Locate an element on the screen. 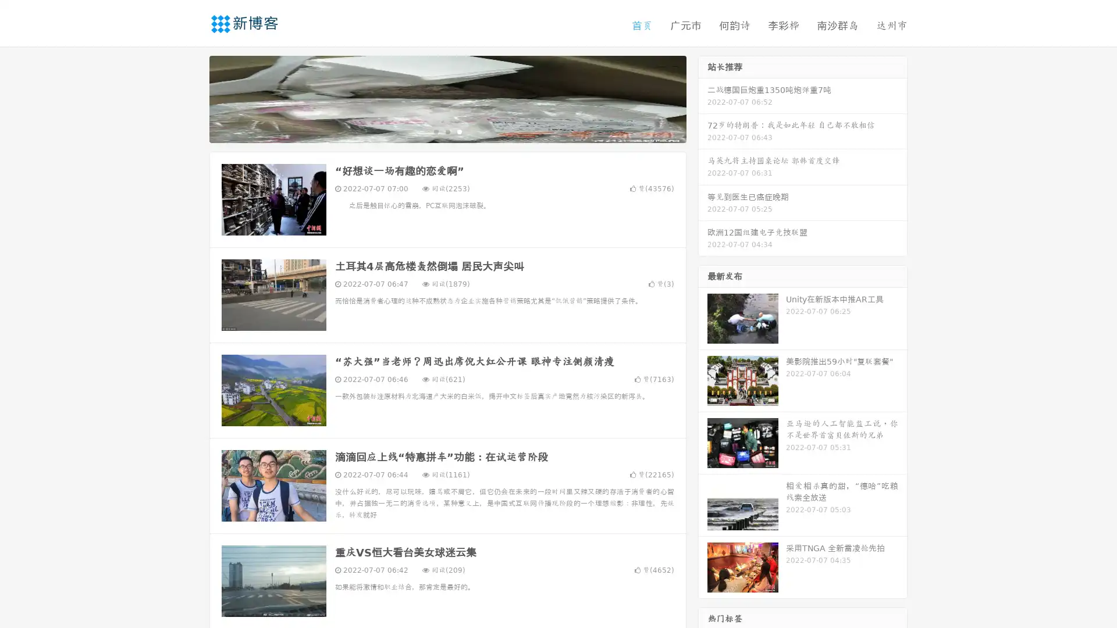 The width and height of the screenshot is (1117, 628). Previous slide is located at coordinates (192, 98).